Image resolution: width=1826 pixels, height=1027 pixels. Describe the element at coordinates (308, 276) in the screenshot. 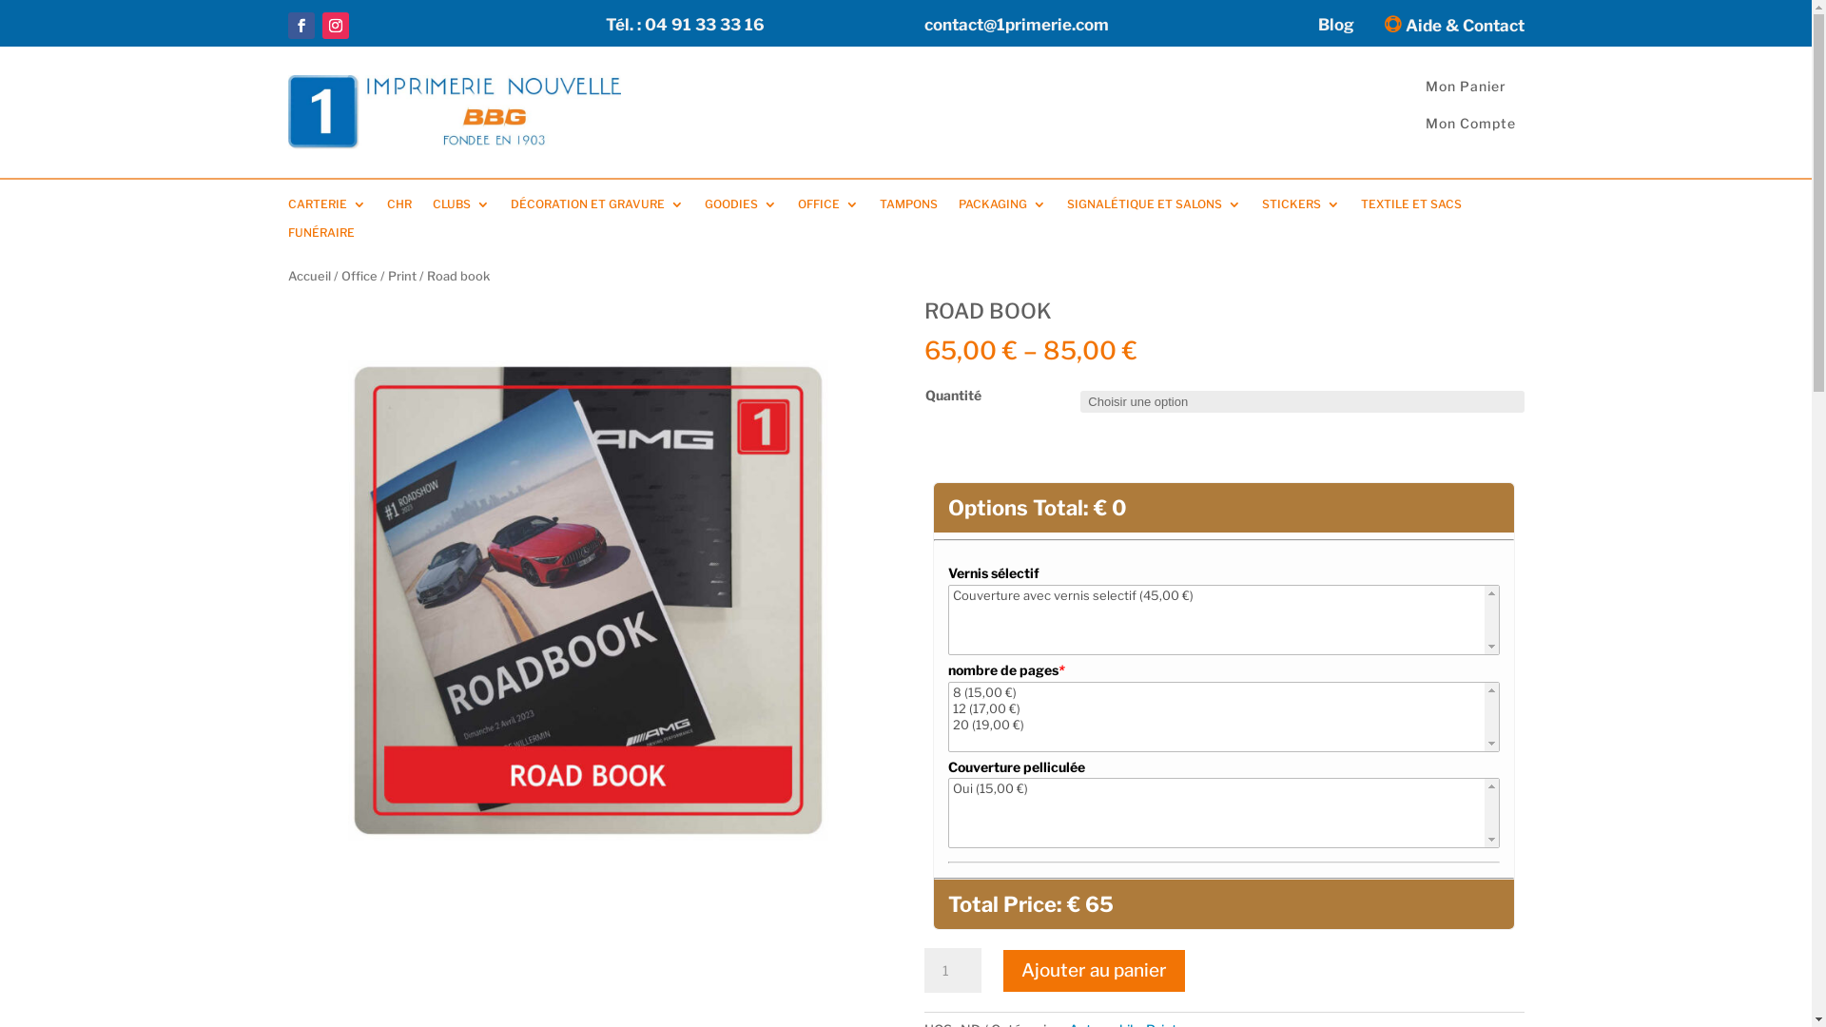

I see `'Accueil'` at that location.